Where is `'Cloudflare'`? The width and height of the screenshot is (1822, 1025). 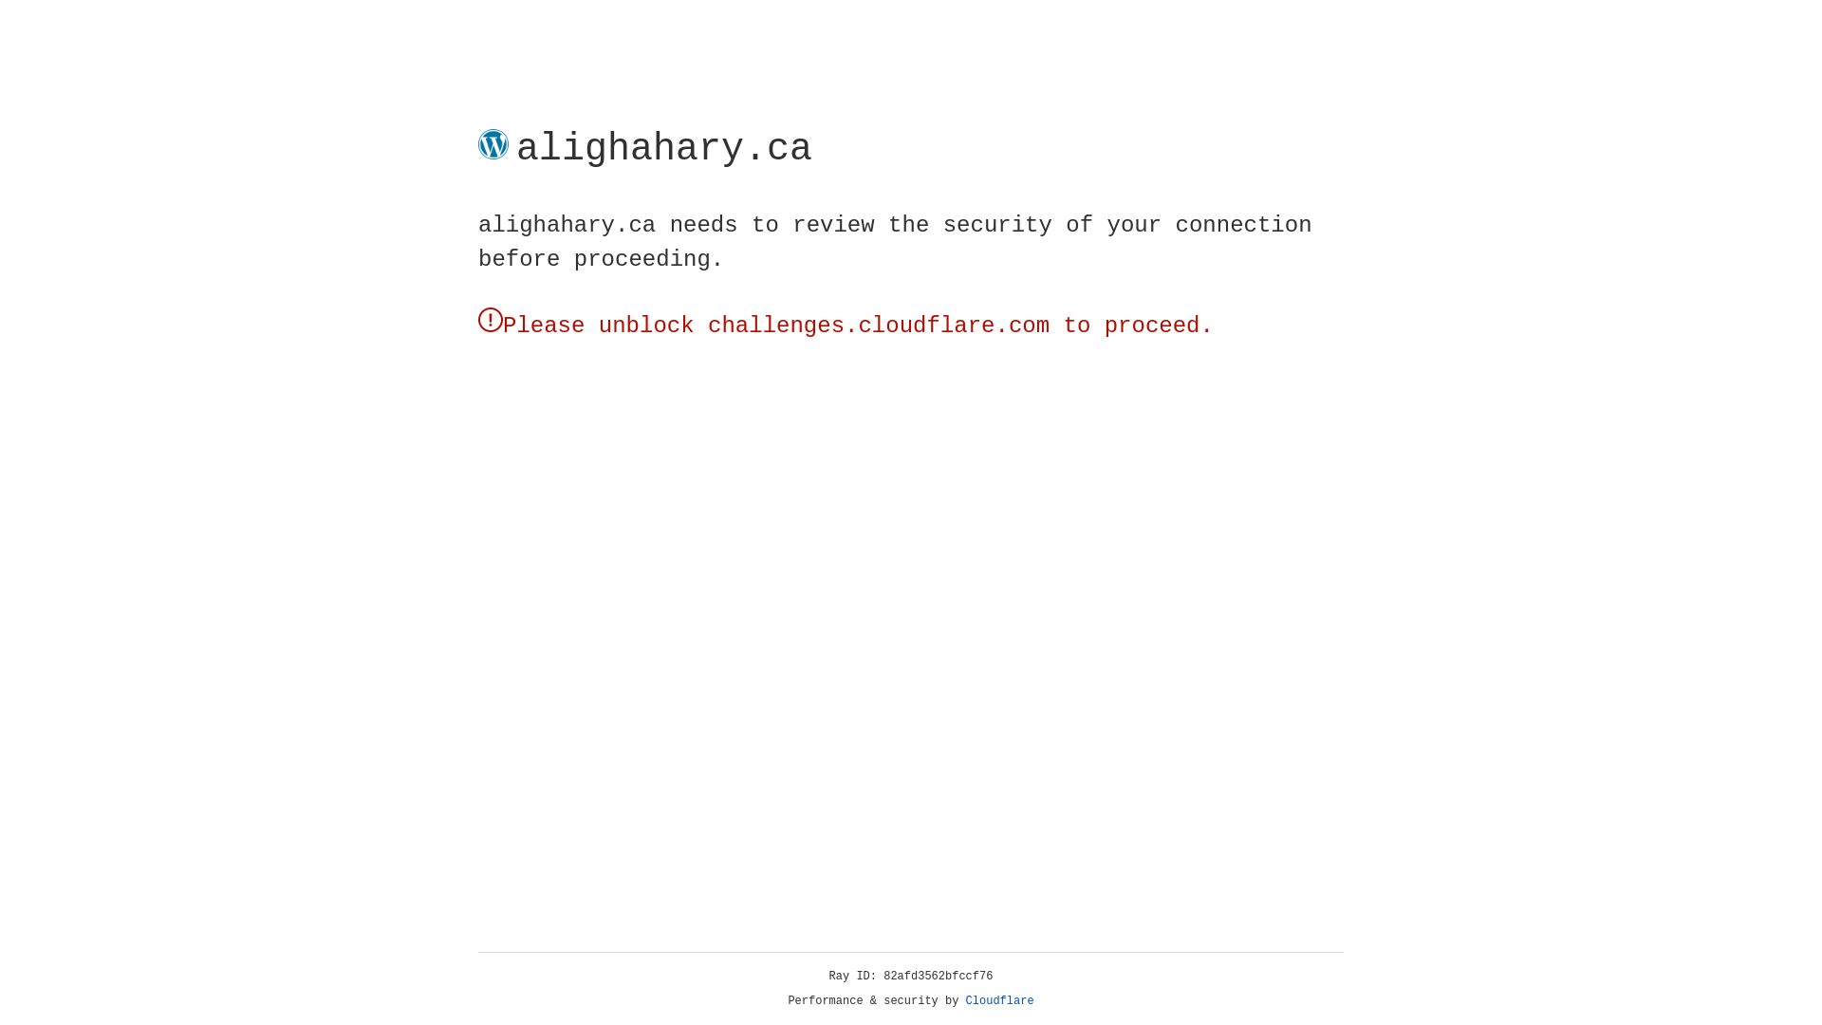 'Cloudflare' is located at coordinates (999, 1000).